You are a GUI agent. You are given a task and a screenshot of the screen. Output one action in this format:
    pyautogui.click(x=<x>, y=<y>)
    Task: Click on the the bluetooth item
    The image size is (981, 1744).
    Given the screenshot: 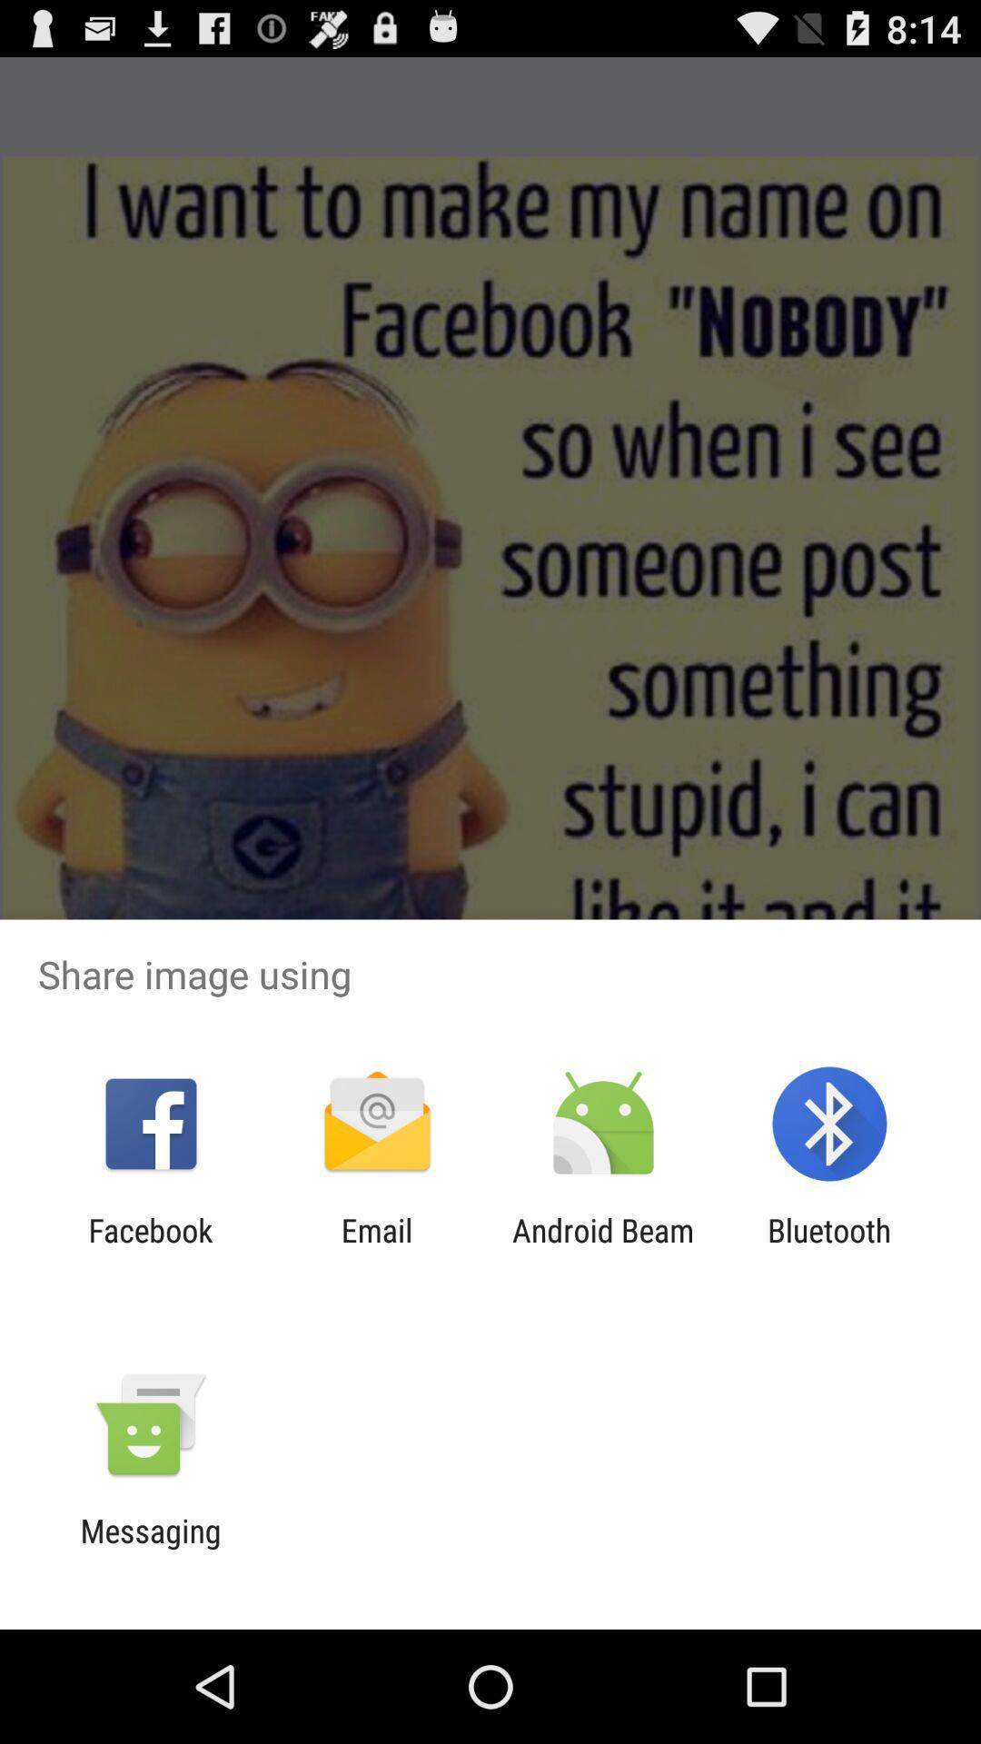 What is the action you would take?
    pyautogui.click(x=829, y=1248)
    